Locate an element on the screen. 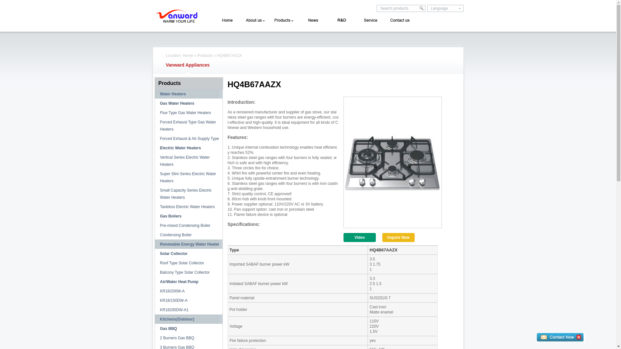 This screenshot has height=349, width=621. 'KR18/150DW-A' is located at coordinates (188, 300).